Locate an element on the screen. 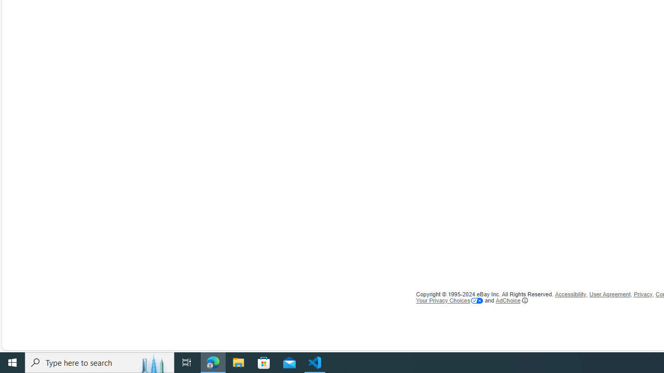 The height and width of the screenshot is (373, 664). 'AdChoice' is located at coordinates (511, 300).